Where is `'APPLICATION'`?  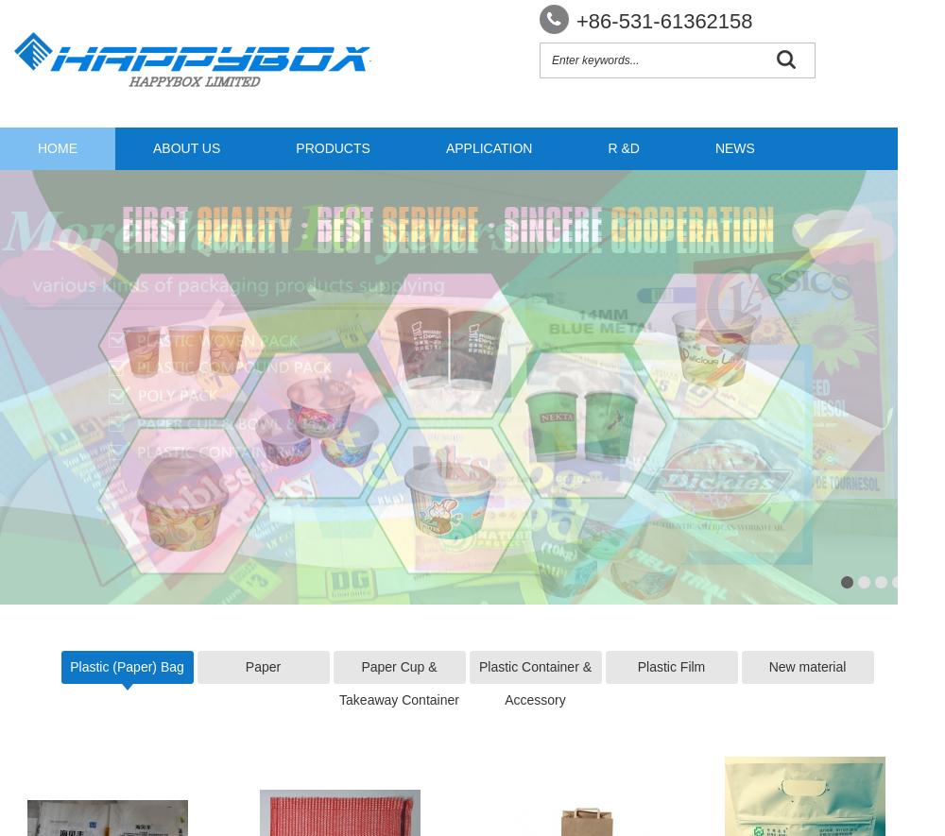 'APPLICATION' is located at coordinates (489, 146).